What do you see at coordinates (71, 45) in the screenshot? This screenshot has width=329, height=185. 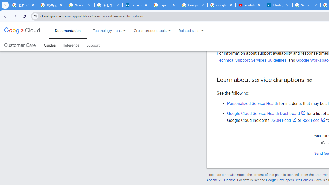 I see `'Reference'` at bounding box center [71, 45].